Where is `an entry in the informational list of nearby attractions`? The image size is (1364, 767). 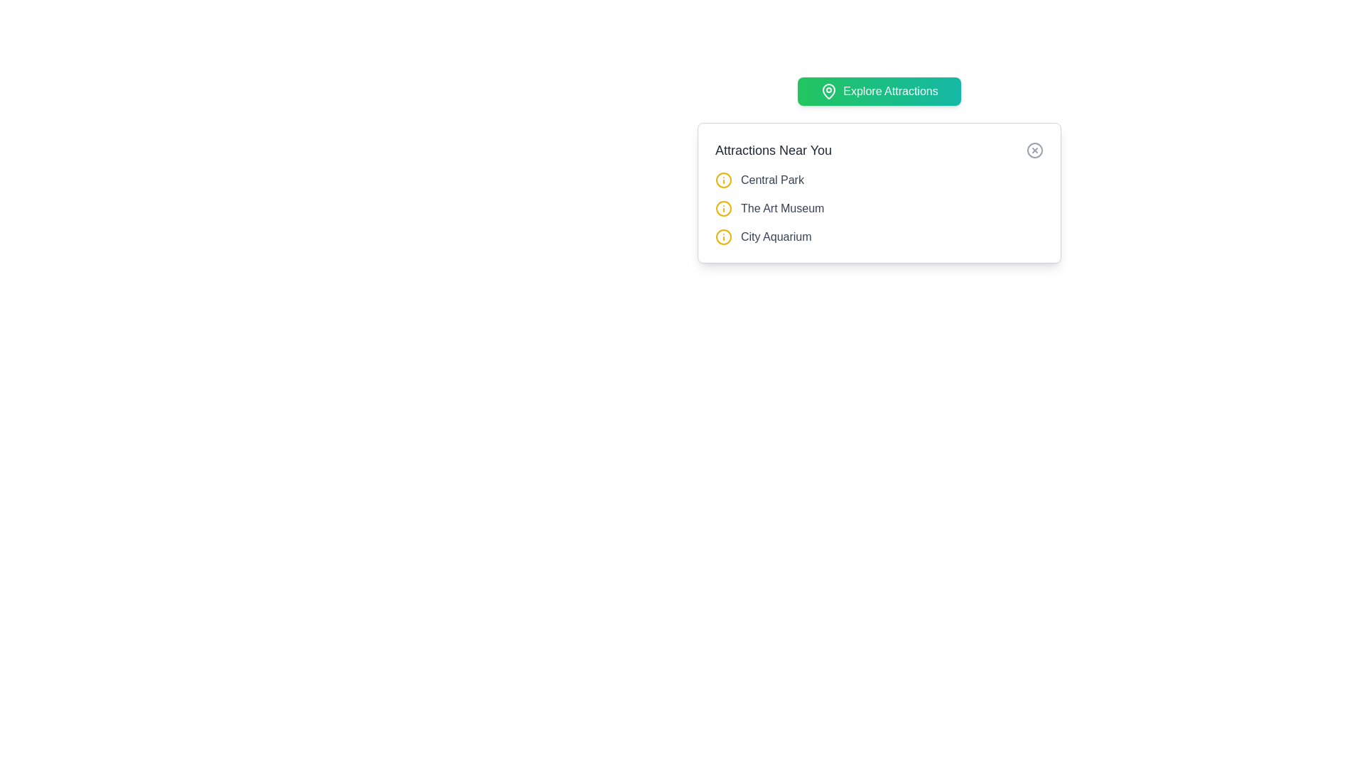
an entry in the informational list of nearby attractions is located at coordinates (879, 208).